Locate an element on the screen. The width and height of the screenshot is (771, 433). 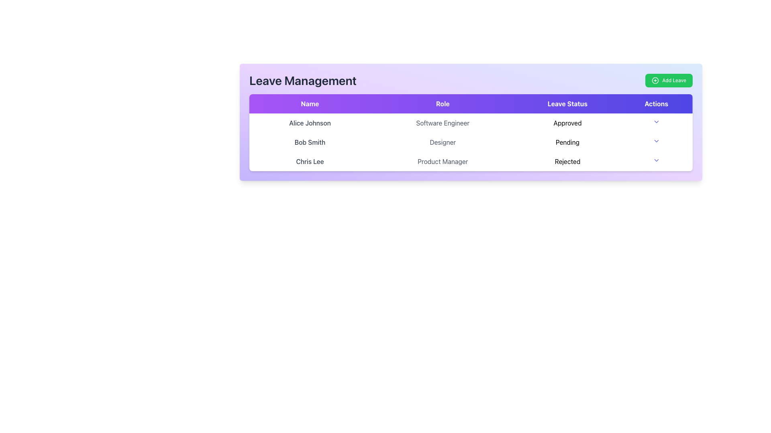
the text label displaying 'Leave Management', which is a bold, large font in dark gray, located at the top left of its section with a light purple background is located at coordinates (302, 80).